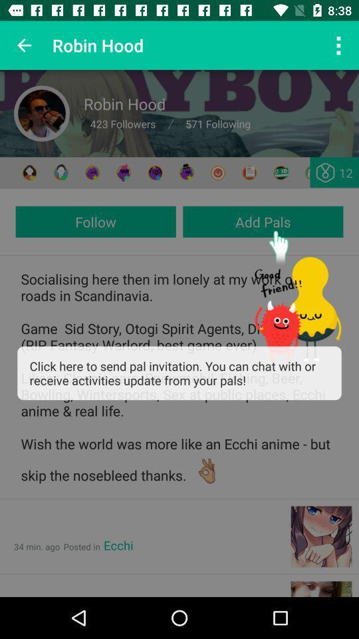 This screenshot has height=639, width=359. Describe the element at coordinates (29, 172) in the screenshot. I see `a pal in the app` at that location.